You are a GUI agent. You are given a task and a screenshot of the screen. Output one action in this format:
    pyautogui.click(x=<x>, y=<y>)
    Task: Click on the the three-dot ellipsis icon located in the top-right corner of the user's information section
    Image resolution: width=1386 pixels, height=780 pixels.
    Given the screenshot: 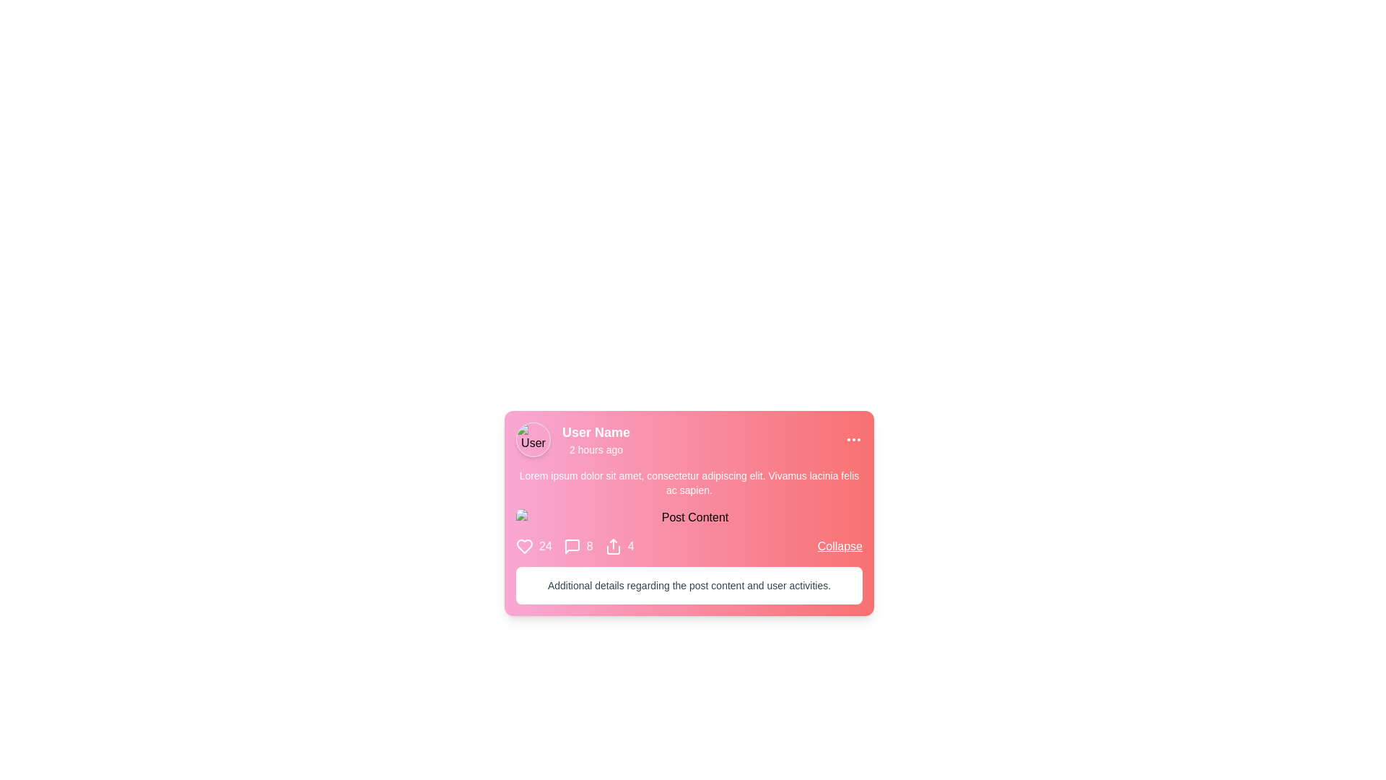 What is the action you would take?
    pyautogui.click(x=853, y=439)
    